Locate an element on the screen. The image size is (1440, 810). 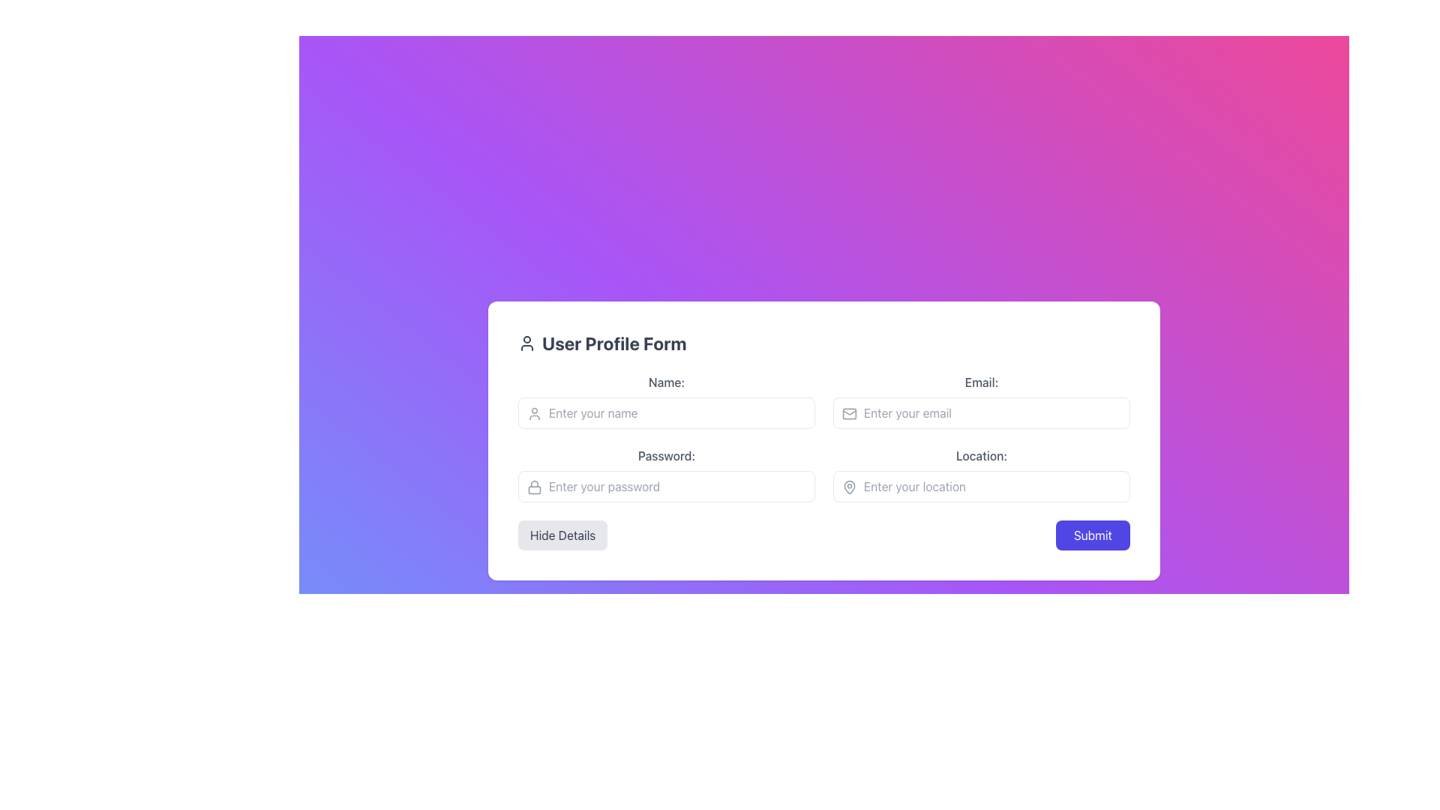
the text label that provides context for the password input field, located in the second row, first column of the form layout, above the password input field and beside the lock icon is located at coordinates (665, 455).